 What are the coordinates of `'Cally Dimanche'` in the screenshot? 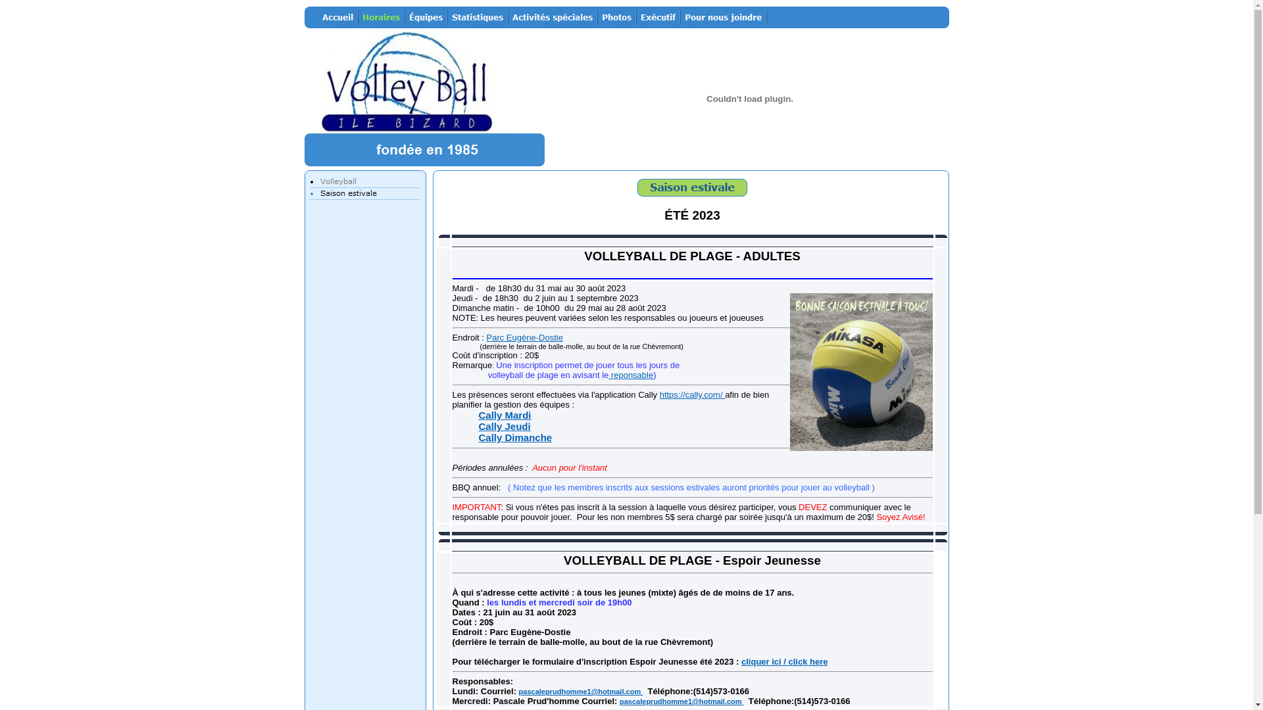 It's located at (514, 437).